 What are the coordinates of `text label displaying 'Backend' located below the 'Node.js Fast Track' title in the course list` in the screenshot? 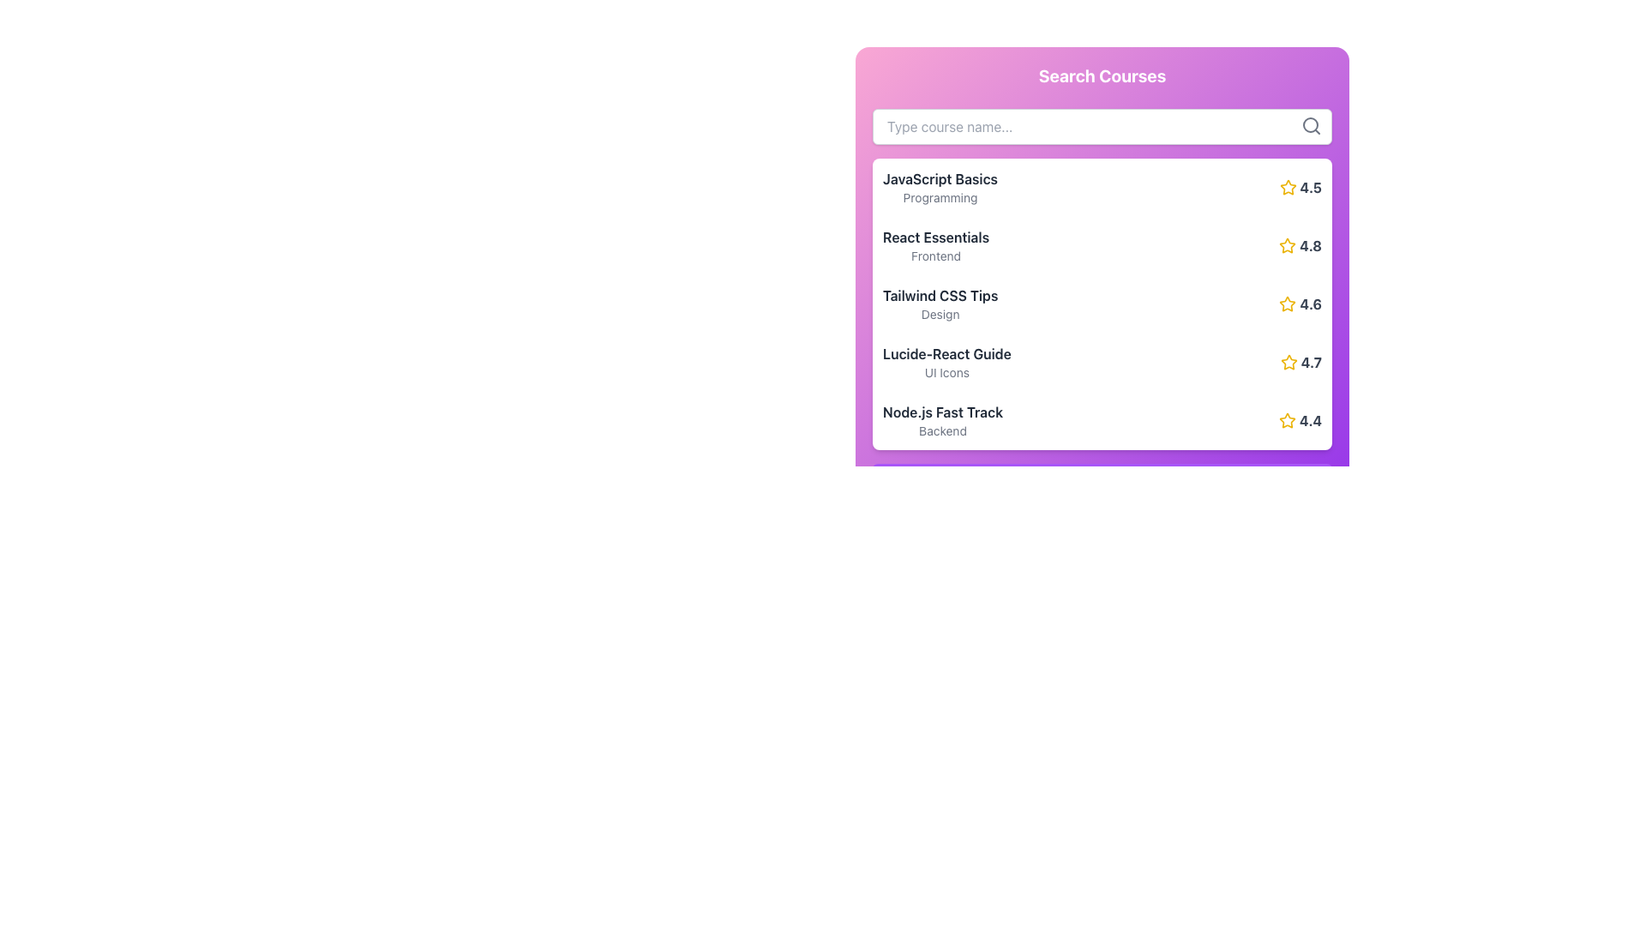 It's located at (941, 430).